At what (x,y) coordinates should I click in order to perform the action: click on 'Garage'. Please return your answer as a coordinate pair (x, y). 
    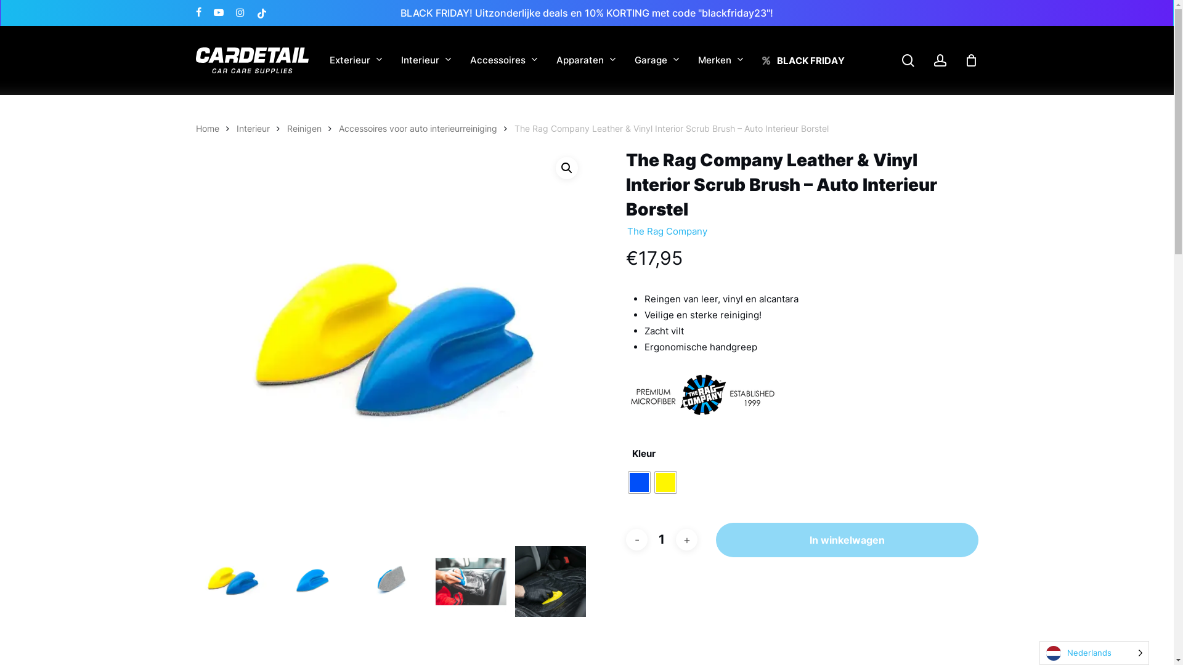
    Looking at the image, I should click on (656, 60).